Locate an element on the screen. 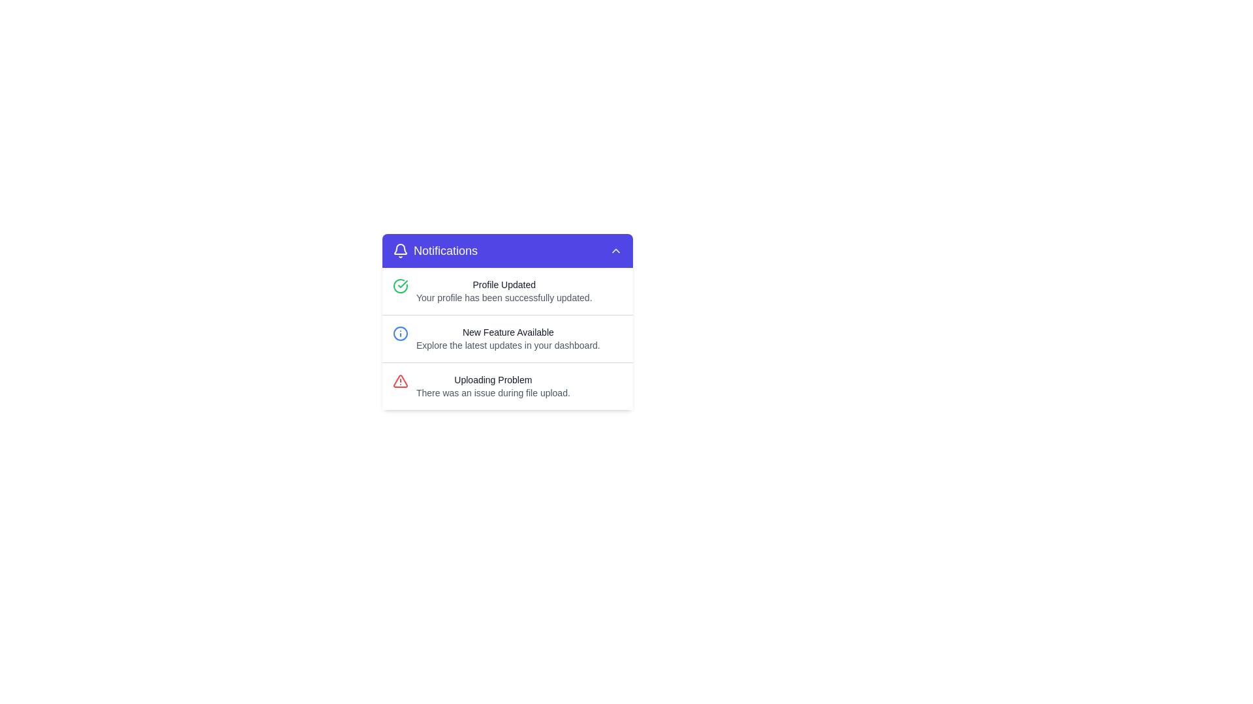  the notifications icon located at the leftmost end of the header section labeled 'Notifications' is located at coordinates (400, 251).